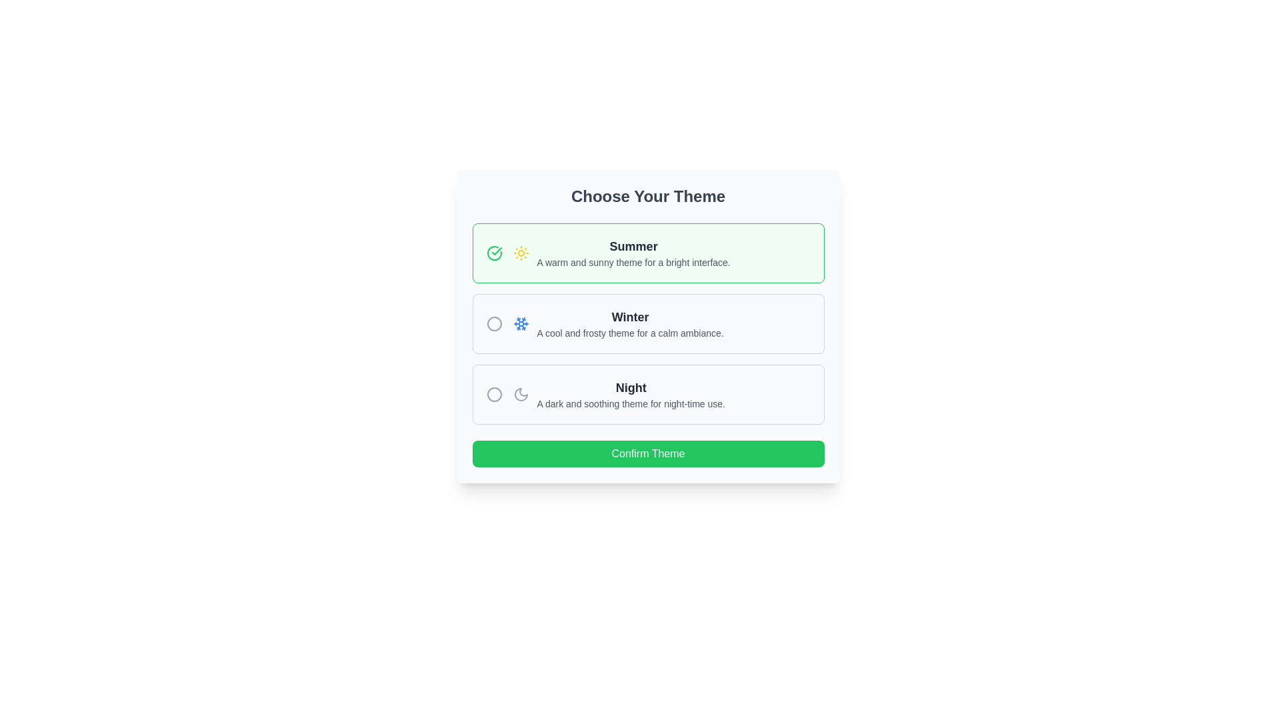 The height and width of the screenshot is (720, 1280). I want to click on the text 'Winter' which is styled in bold and larger font, located centrally in the theme selection interface, so click(629, 317).